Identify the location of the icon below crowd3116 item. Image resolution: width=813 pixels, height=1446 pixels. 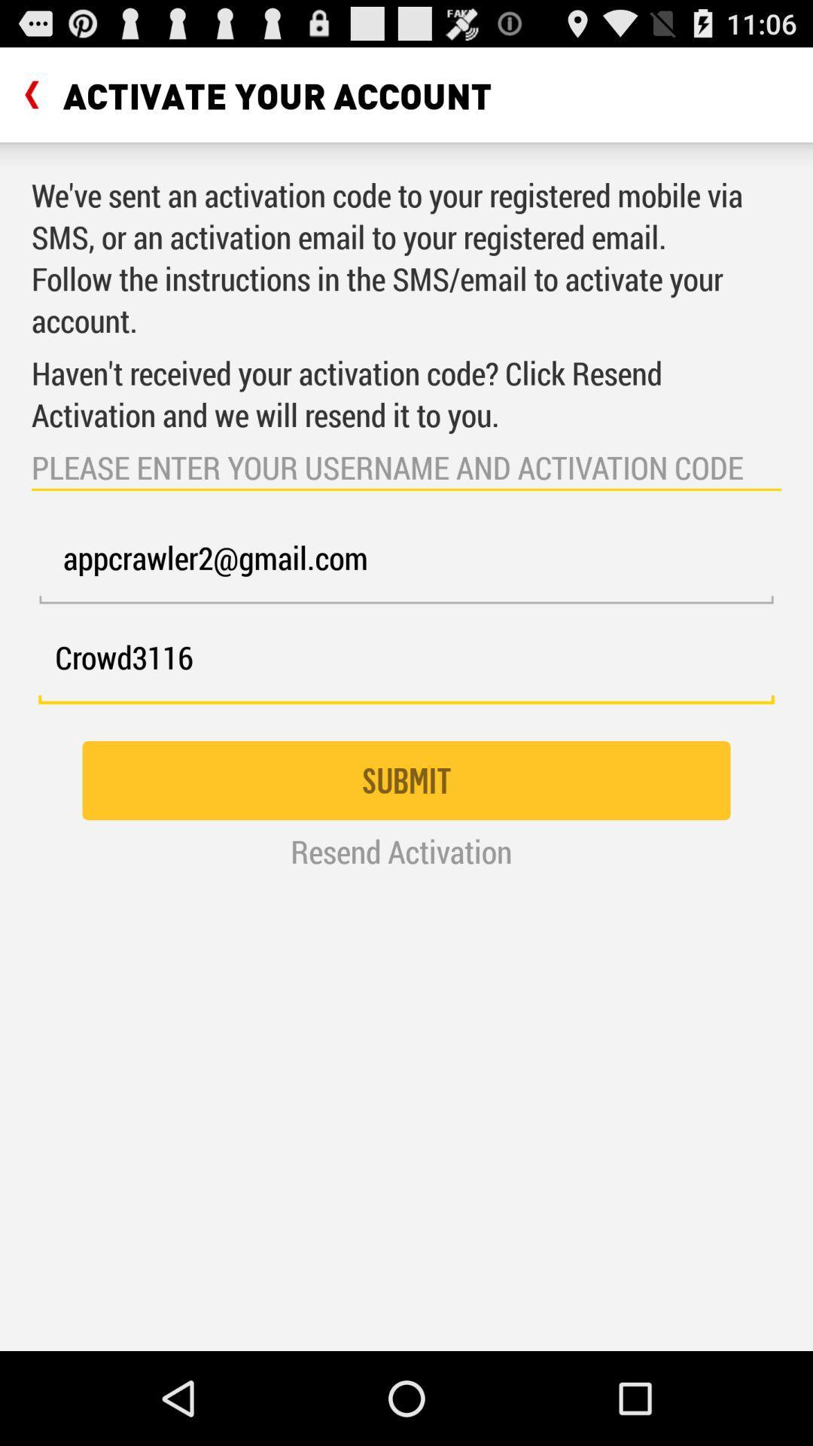
(406, 780).